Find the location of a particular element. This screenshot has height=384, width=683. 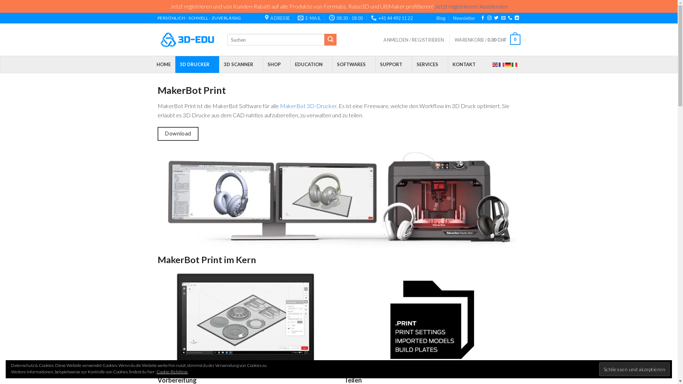

'Jetzt registrieren!' is located at coordinates (456, 6).